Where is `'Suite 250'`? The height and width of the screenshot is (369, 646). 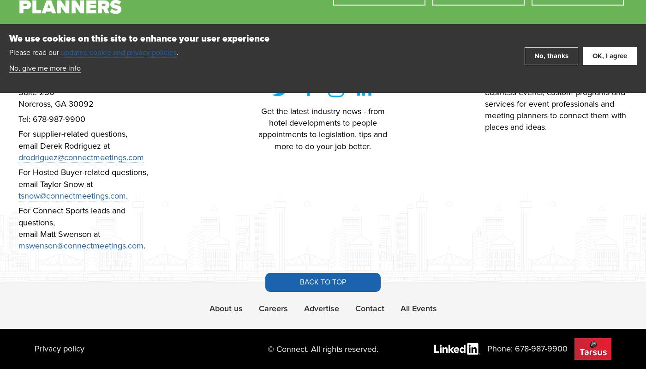
'Suite 250' is located at coordinates (36, 92).